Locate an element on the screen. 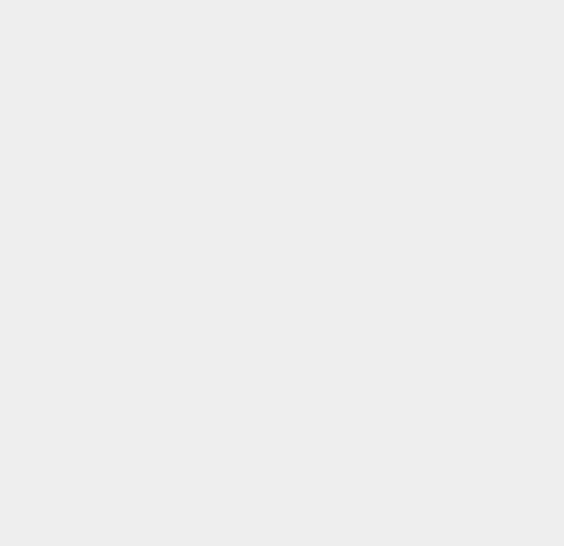  'SEO Tools' is located at coordinates (415, 202).